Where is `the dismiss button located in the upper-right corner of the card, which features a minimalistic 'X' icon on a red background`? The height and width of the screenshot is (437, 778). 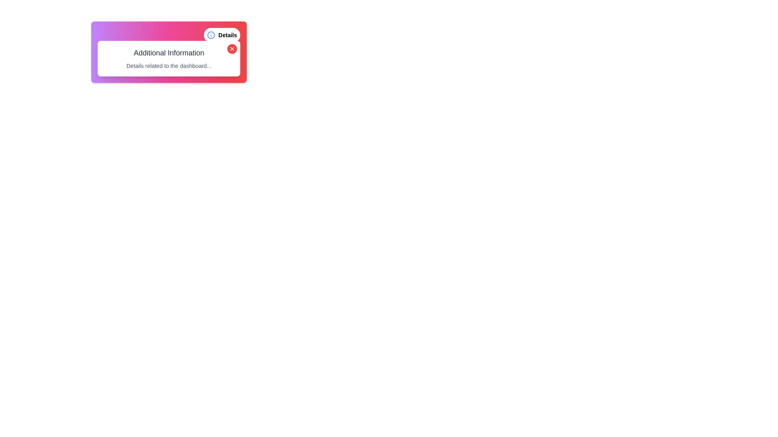
the dismiss button located in the upper-right corner of the card, which features a minimalistic 'X' icon on a red background is located at coordinates (231, 49).